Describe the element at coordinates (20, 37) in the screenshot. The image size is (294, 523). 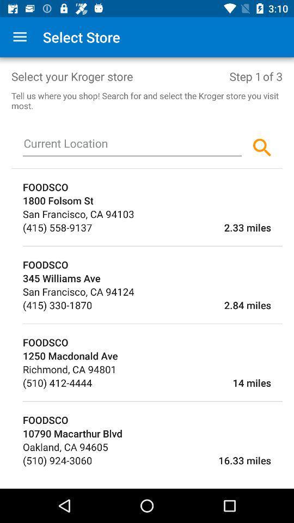
I see `app next to the select store` at that location.